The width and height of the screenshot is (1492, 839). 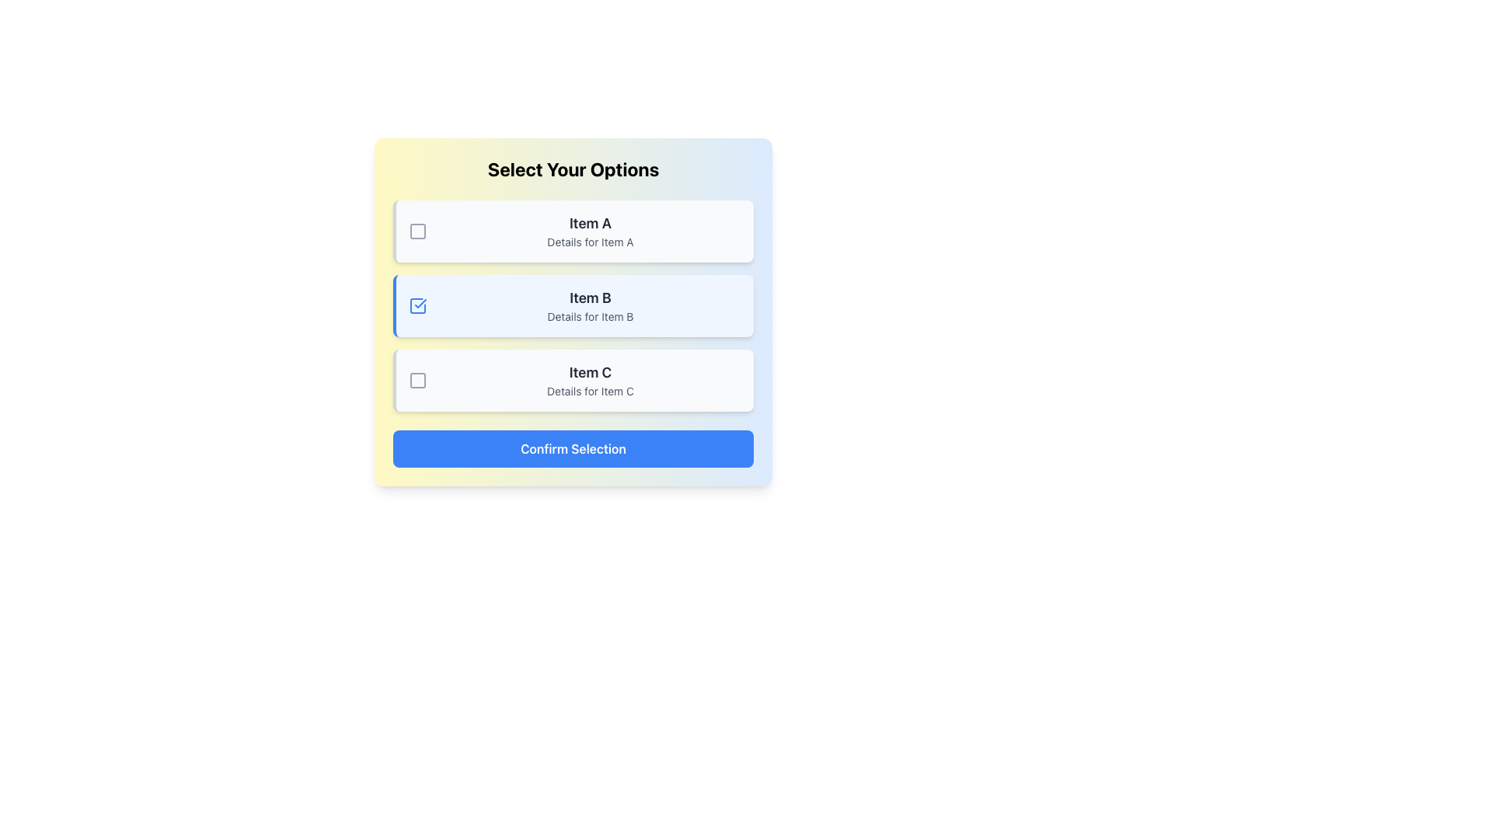 What do you see at coordinates (589, 242) in the screenshot?
I see `descriptive text label located directly below 'Item A' in the first item option section, which aids users in understanding the content and relevance of this option` at bounding box center [589, 242].